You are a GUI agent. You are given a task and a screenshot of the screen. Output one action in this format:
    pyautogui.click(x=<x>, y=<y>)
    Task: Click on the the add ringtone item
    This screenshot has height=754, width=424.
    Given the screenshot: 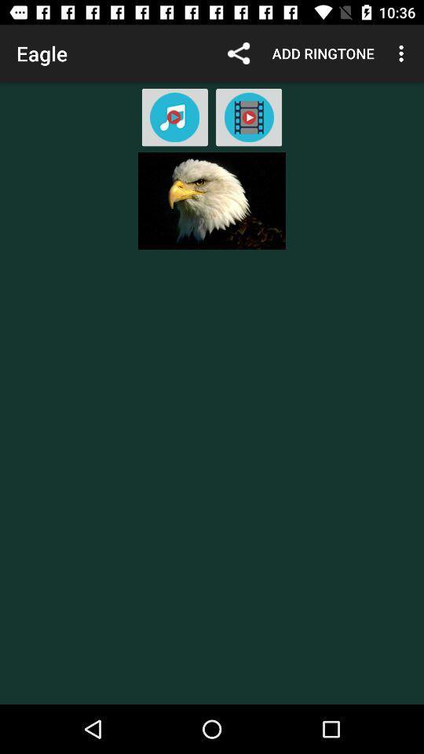 What is the action you would take?
    pyautogui.click(x=322, y=53)
    